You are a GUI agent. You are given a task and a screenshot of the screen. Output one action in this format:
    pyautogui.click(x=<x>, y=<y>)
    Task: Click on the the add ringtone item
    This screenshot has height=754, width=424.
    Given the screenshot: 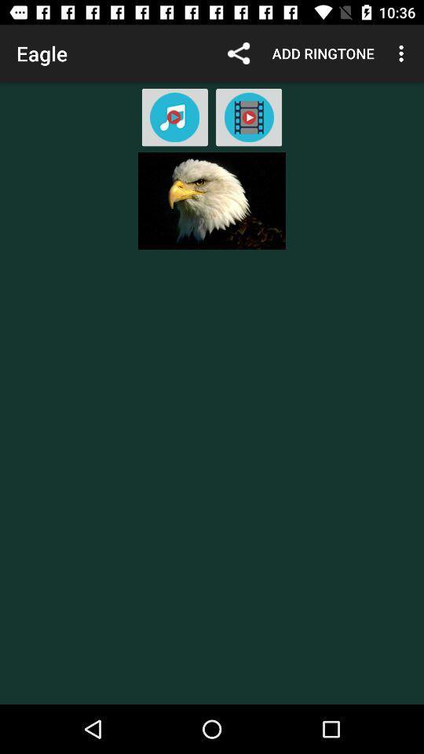 What is the action you would take?
    pyautogui.click(x=322, y=53)
    